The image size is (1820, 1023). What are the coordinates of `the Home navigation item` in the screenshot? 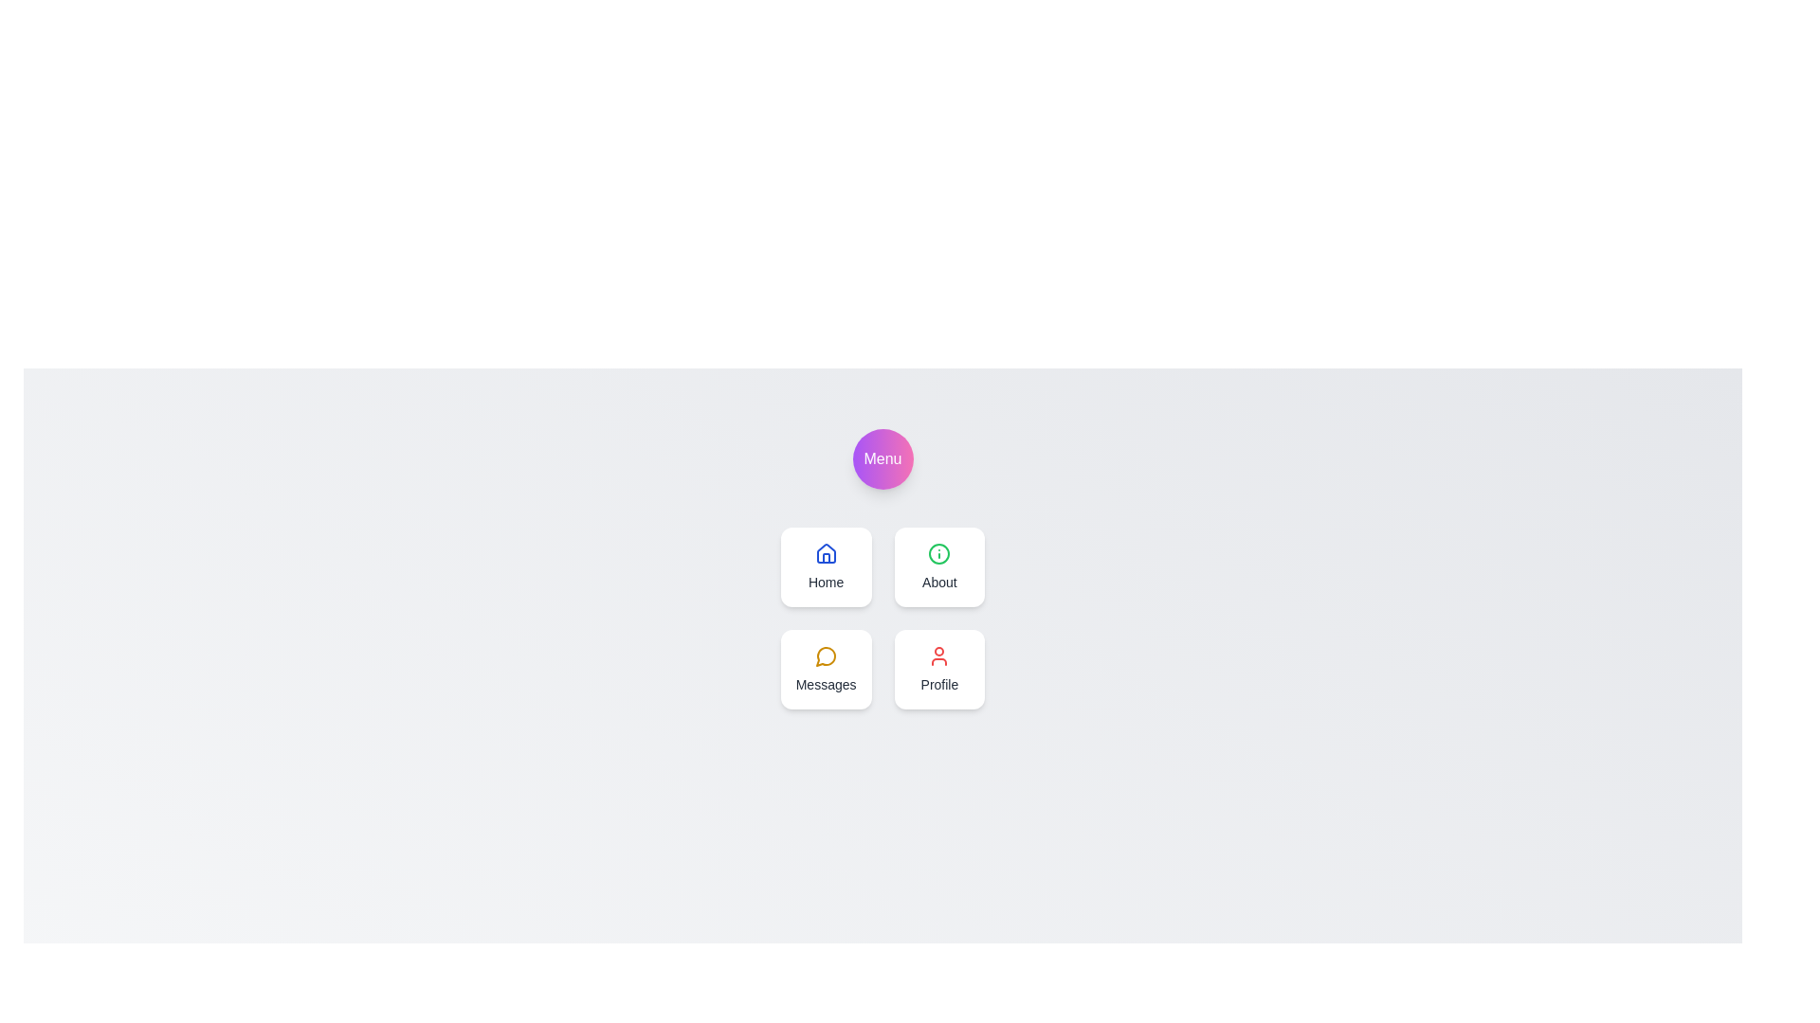 It's located at (826, 565).